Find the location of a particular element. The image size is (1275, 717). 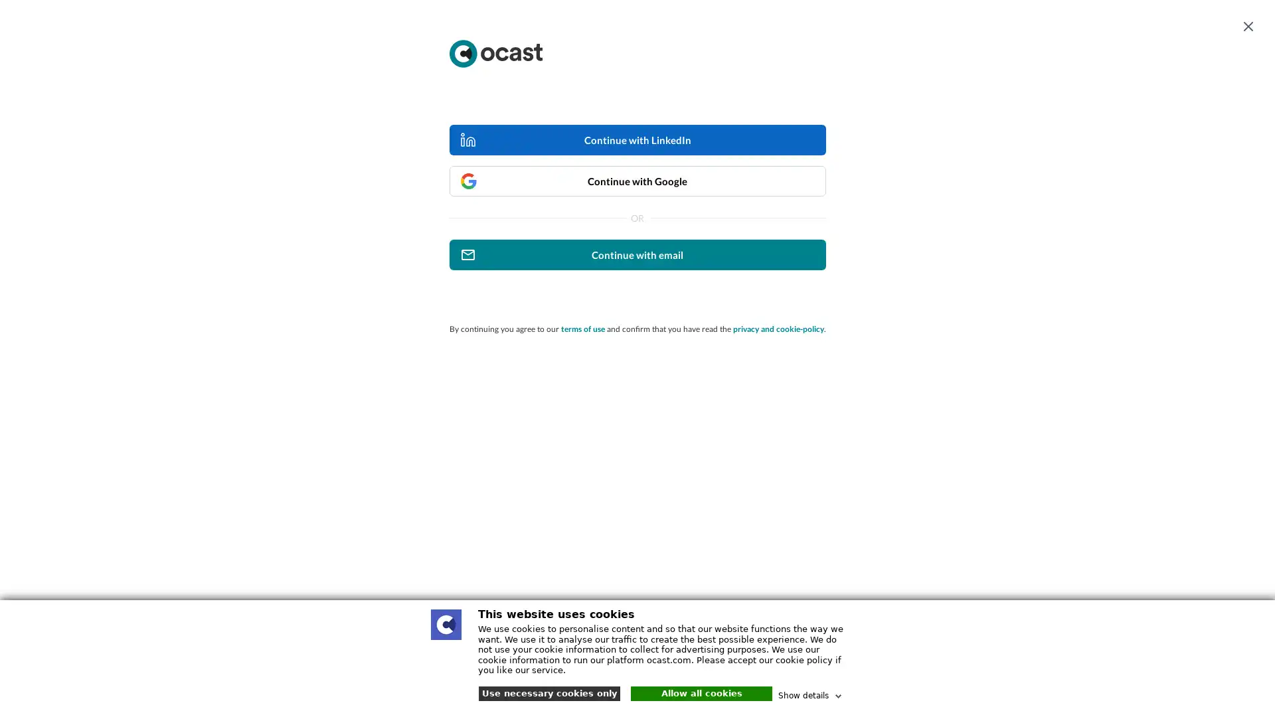

Continue with email is located at coordinates (636, 255).